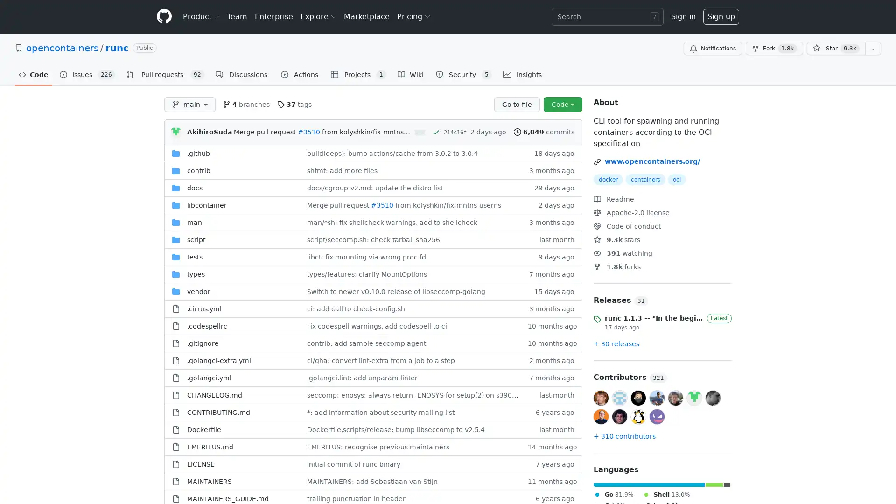 The height and width of the screenshot is (504, 896). Describe the element at coordinates (873, 49) in the screenshot. I see `You must be signed in to add this repository to a list` at that location.